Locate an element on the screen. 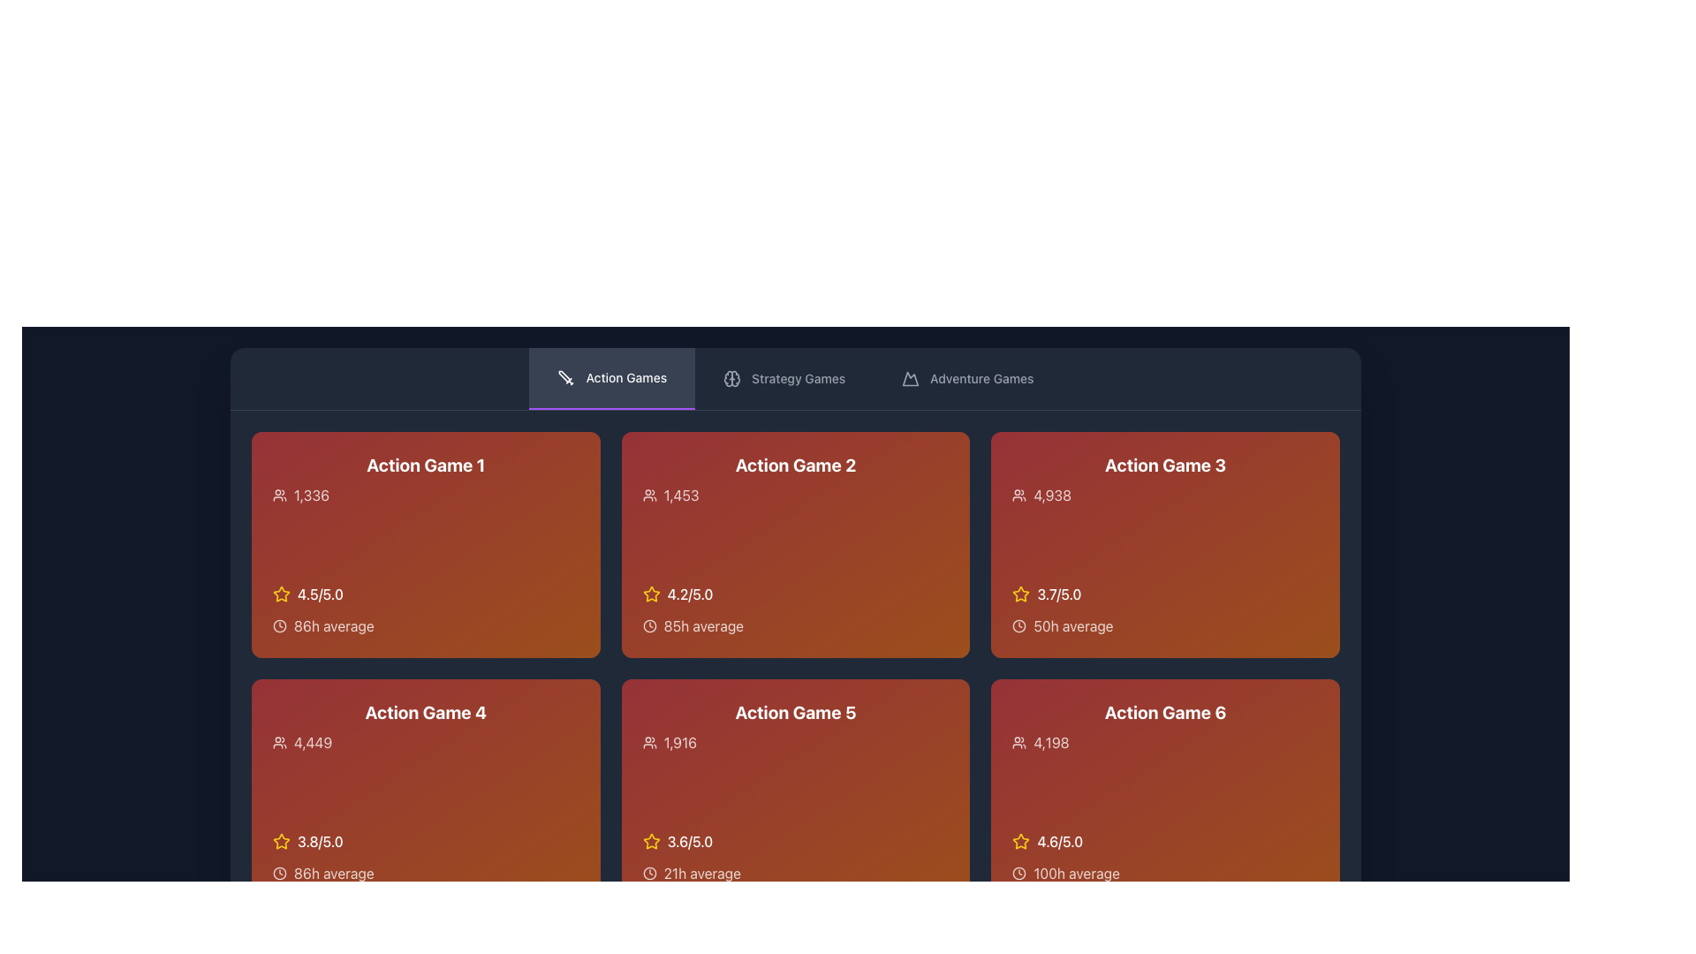 This screenshot has width=1696, height=954. the non-interactive text label displaying '50h average' located below the star rating indicator and to the right of the clock icon within the 'Action Game 3' card is located at coordinates (1072, 625).